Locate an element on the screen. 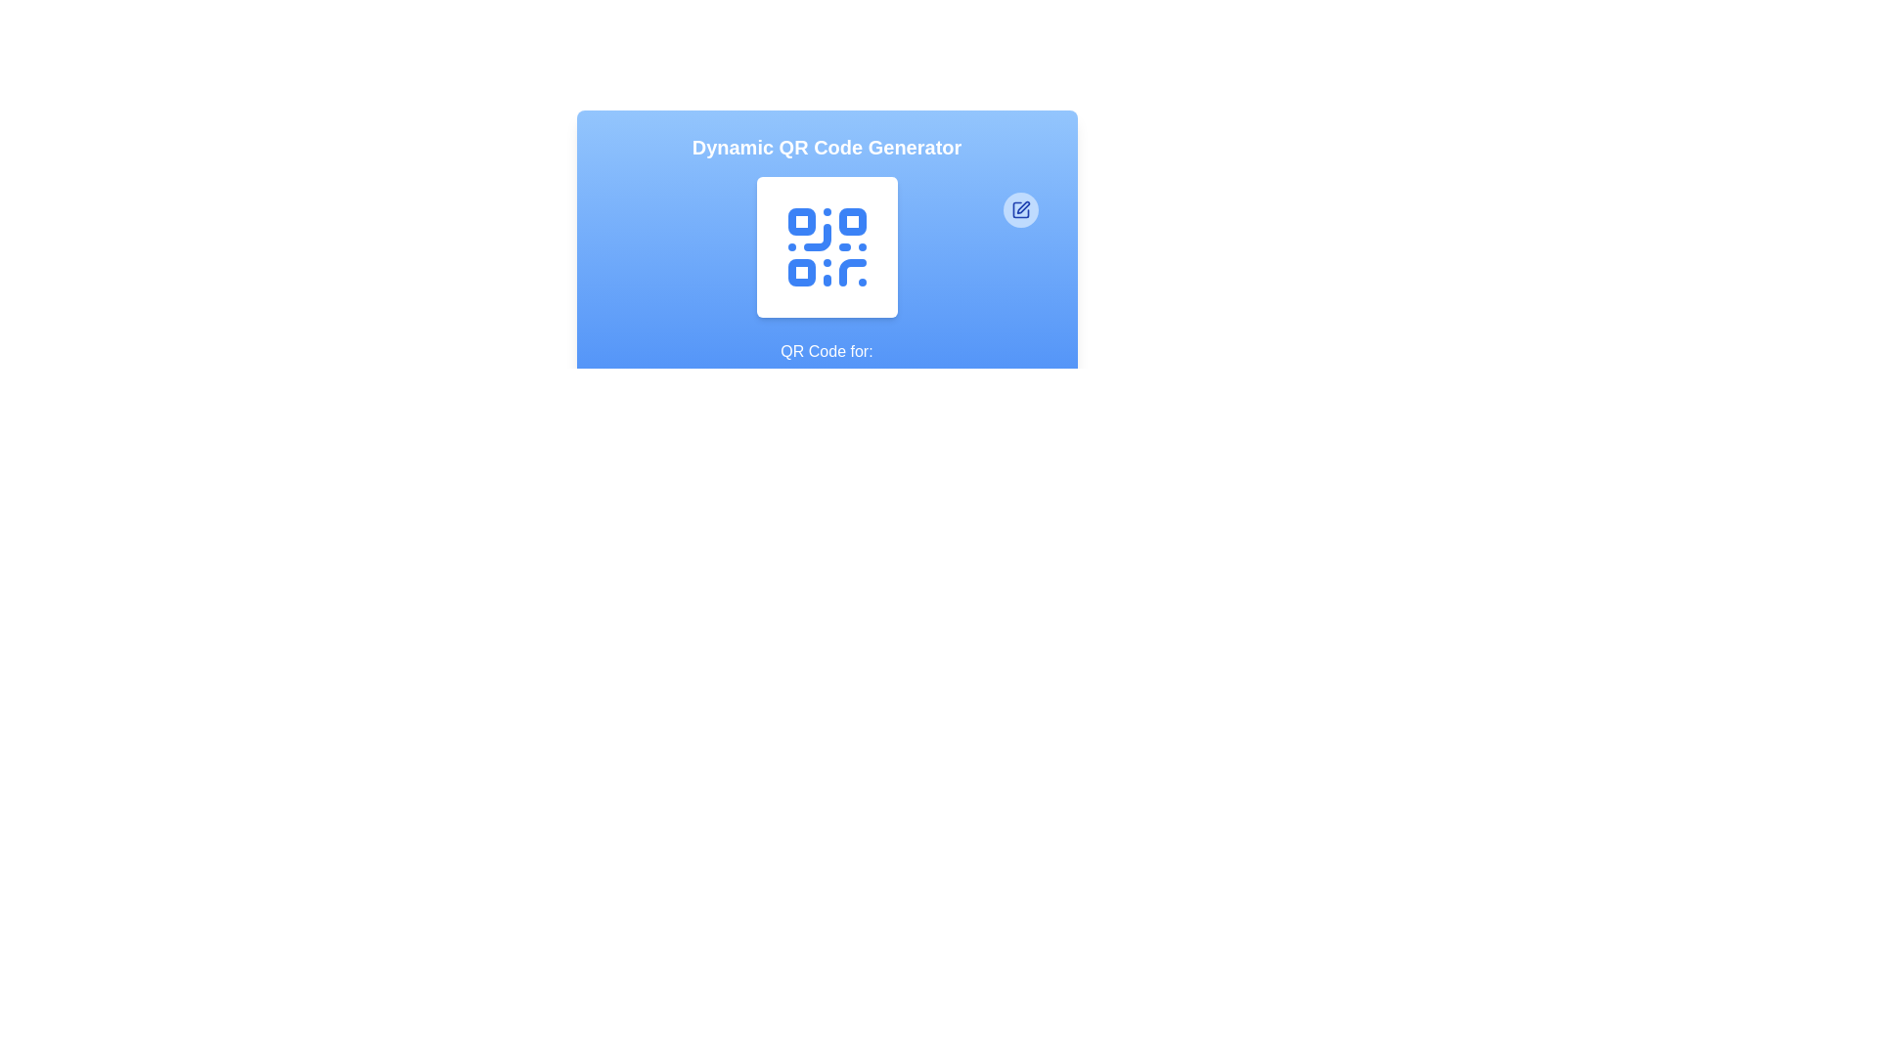 The height and width of the screenshot is (1056, 1878). the circular light blue button located on the top-right edge of the 'Dynamic QR Code Generator' header is located at coordinates (1019, 210).